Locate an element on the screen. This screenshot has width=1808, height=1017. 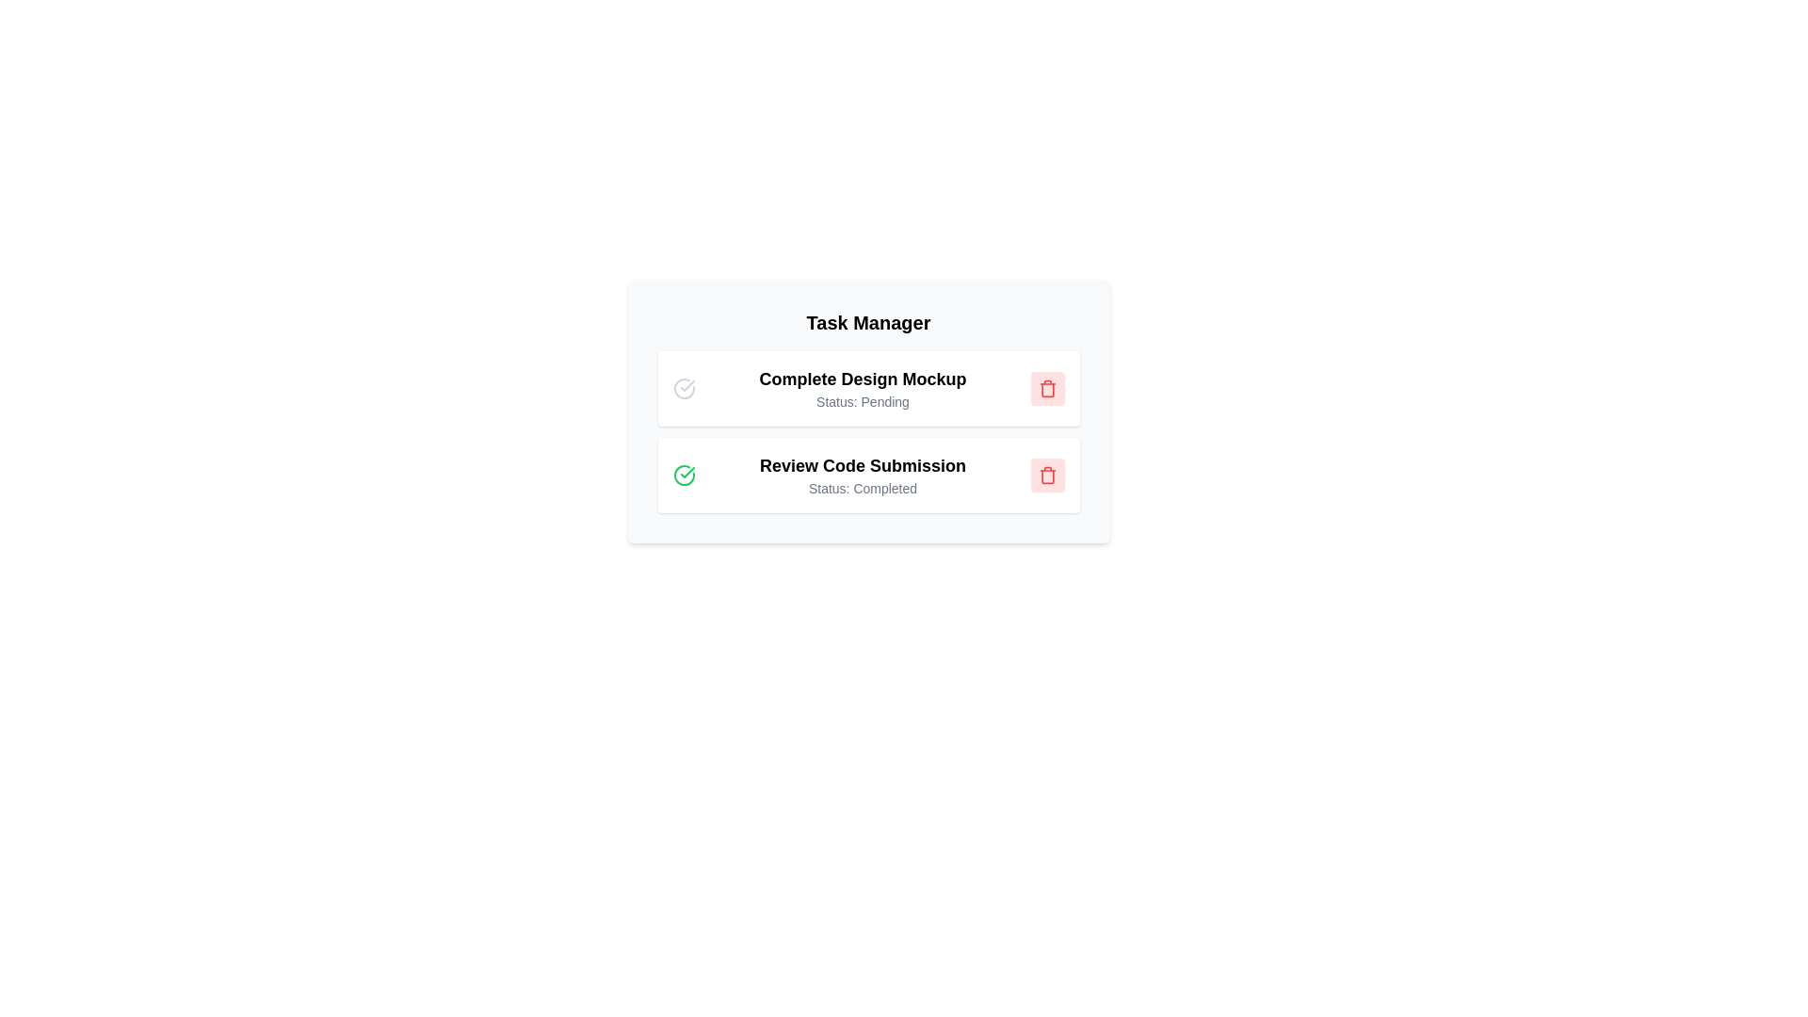
delete button for the task titled 'Review Code Submission' is located at coordinates (1046, 475).